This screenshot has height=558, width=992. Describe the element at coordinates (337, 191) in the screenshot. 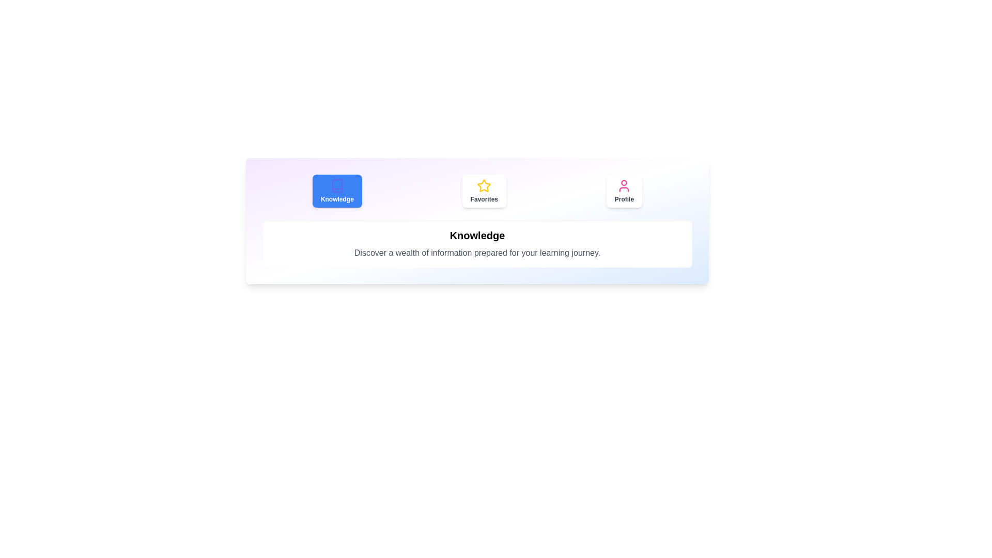

I see `the button labeled Knowledge to observe its hover effect` at that location.